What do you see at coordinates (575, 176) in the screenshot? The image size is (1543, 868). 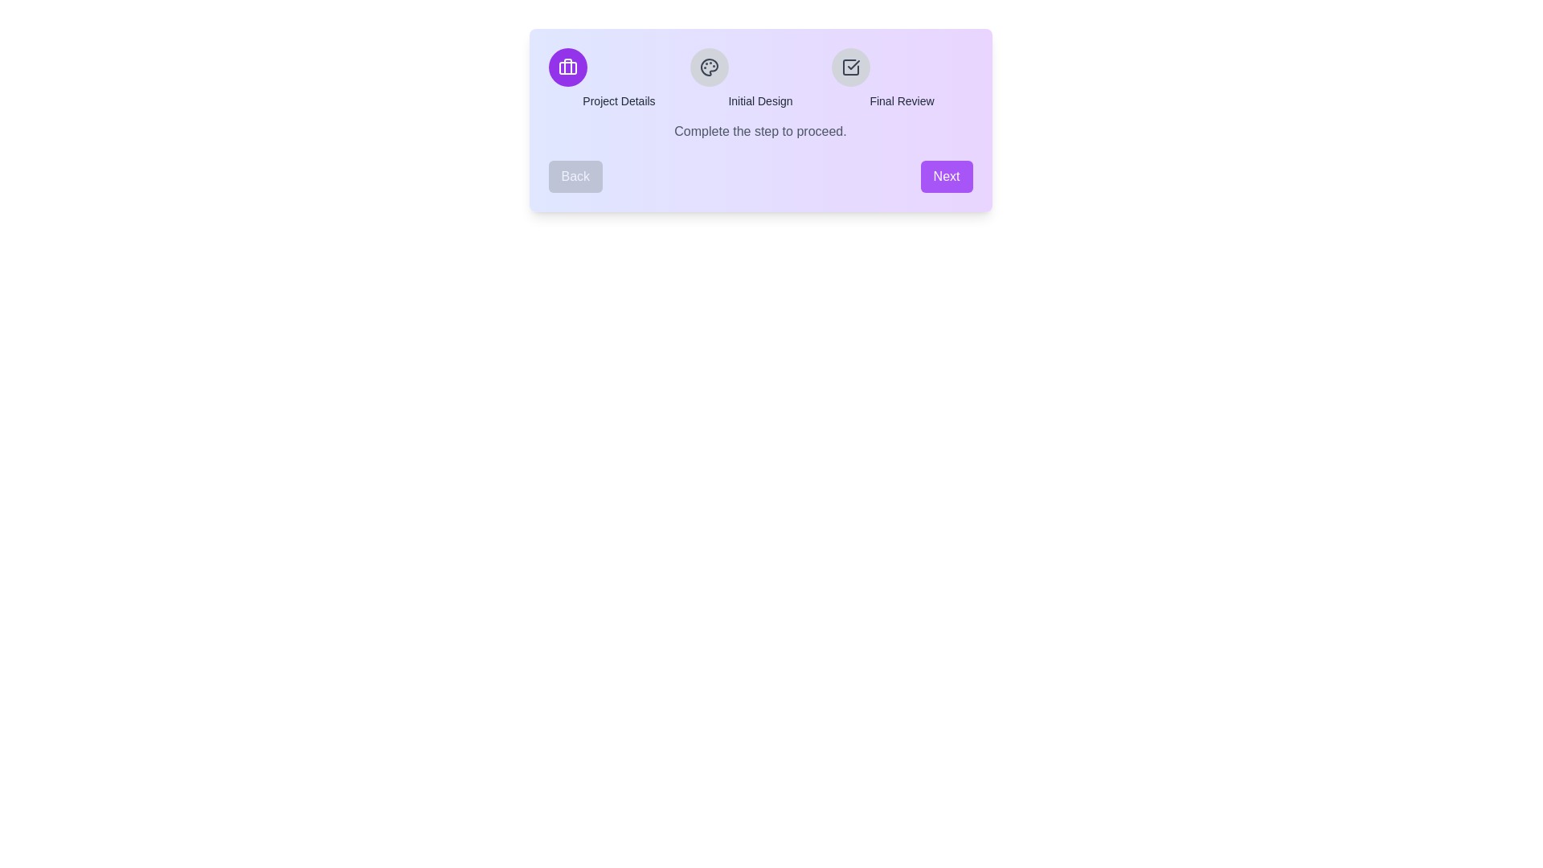 I see `the Back button to navigate through the steps` at bounding box center [575, 176].